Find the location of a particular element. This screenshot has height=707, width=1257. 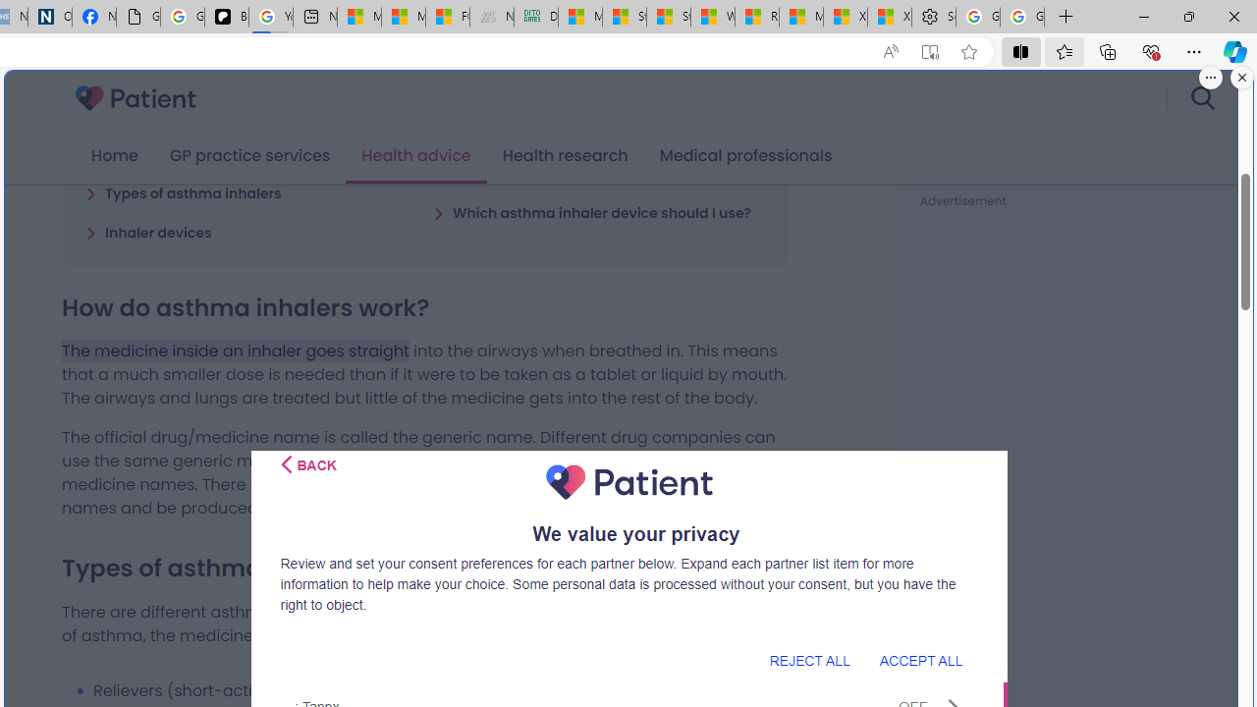

'Medical professionals' is located at coordinates (744, 155).